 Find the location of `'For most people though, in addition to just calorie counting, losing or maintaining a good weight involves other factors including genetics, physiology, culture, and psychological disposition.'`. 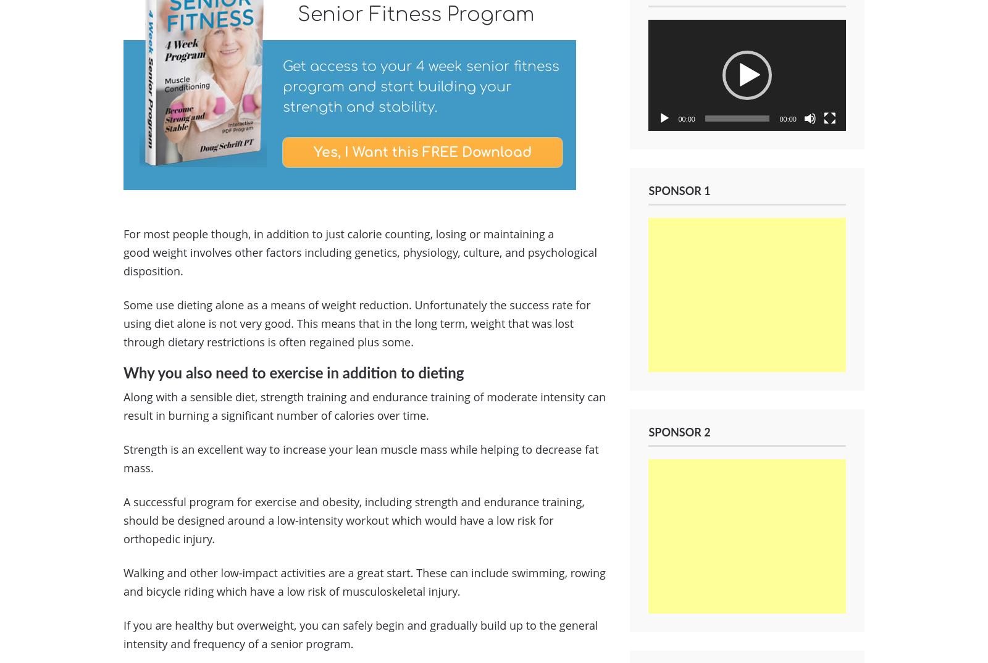

'For most people though, in addition to just calorie counting, losing or maintaining a good weight involves other factors including genetics, physiology, culture, and psychological disposition.' is located at coordinates (123, 252).